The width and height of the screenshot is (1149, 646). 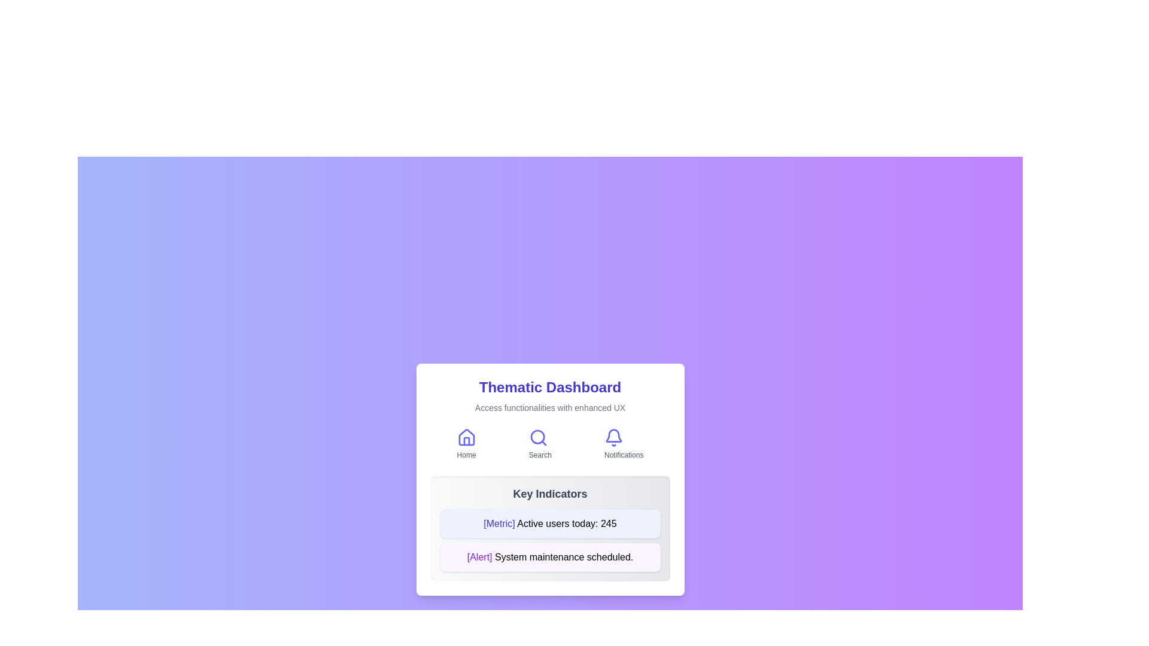 What do you see at coordinates (614, 435) in the screenshot?
I see `the bell vector graphic icon for notifications` at bounding box center [614, 435].